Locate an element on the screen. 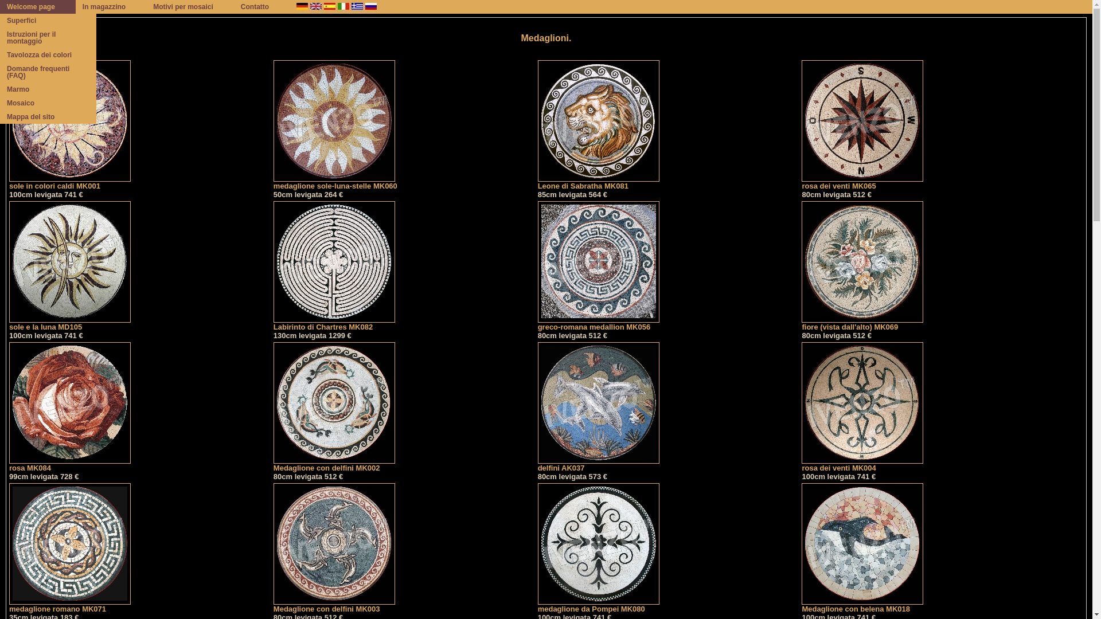 The height and width of the screenshot is (619, 1101). 'Leone di Sabratha MK081' is located at coordinates (598, 181).